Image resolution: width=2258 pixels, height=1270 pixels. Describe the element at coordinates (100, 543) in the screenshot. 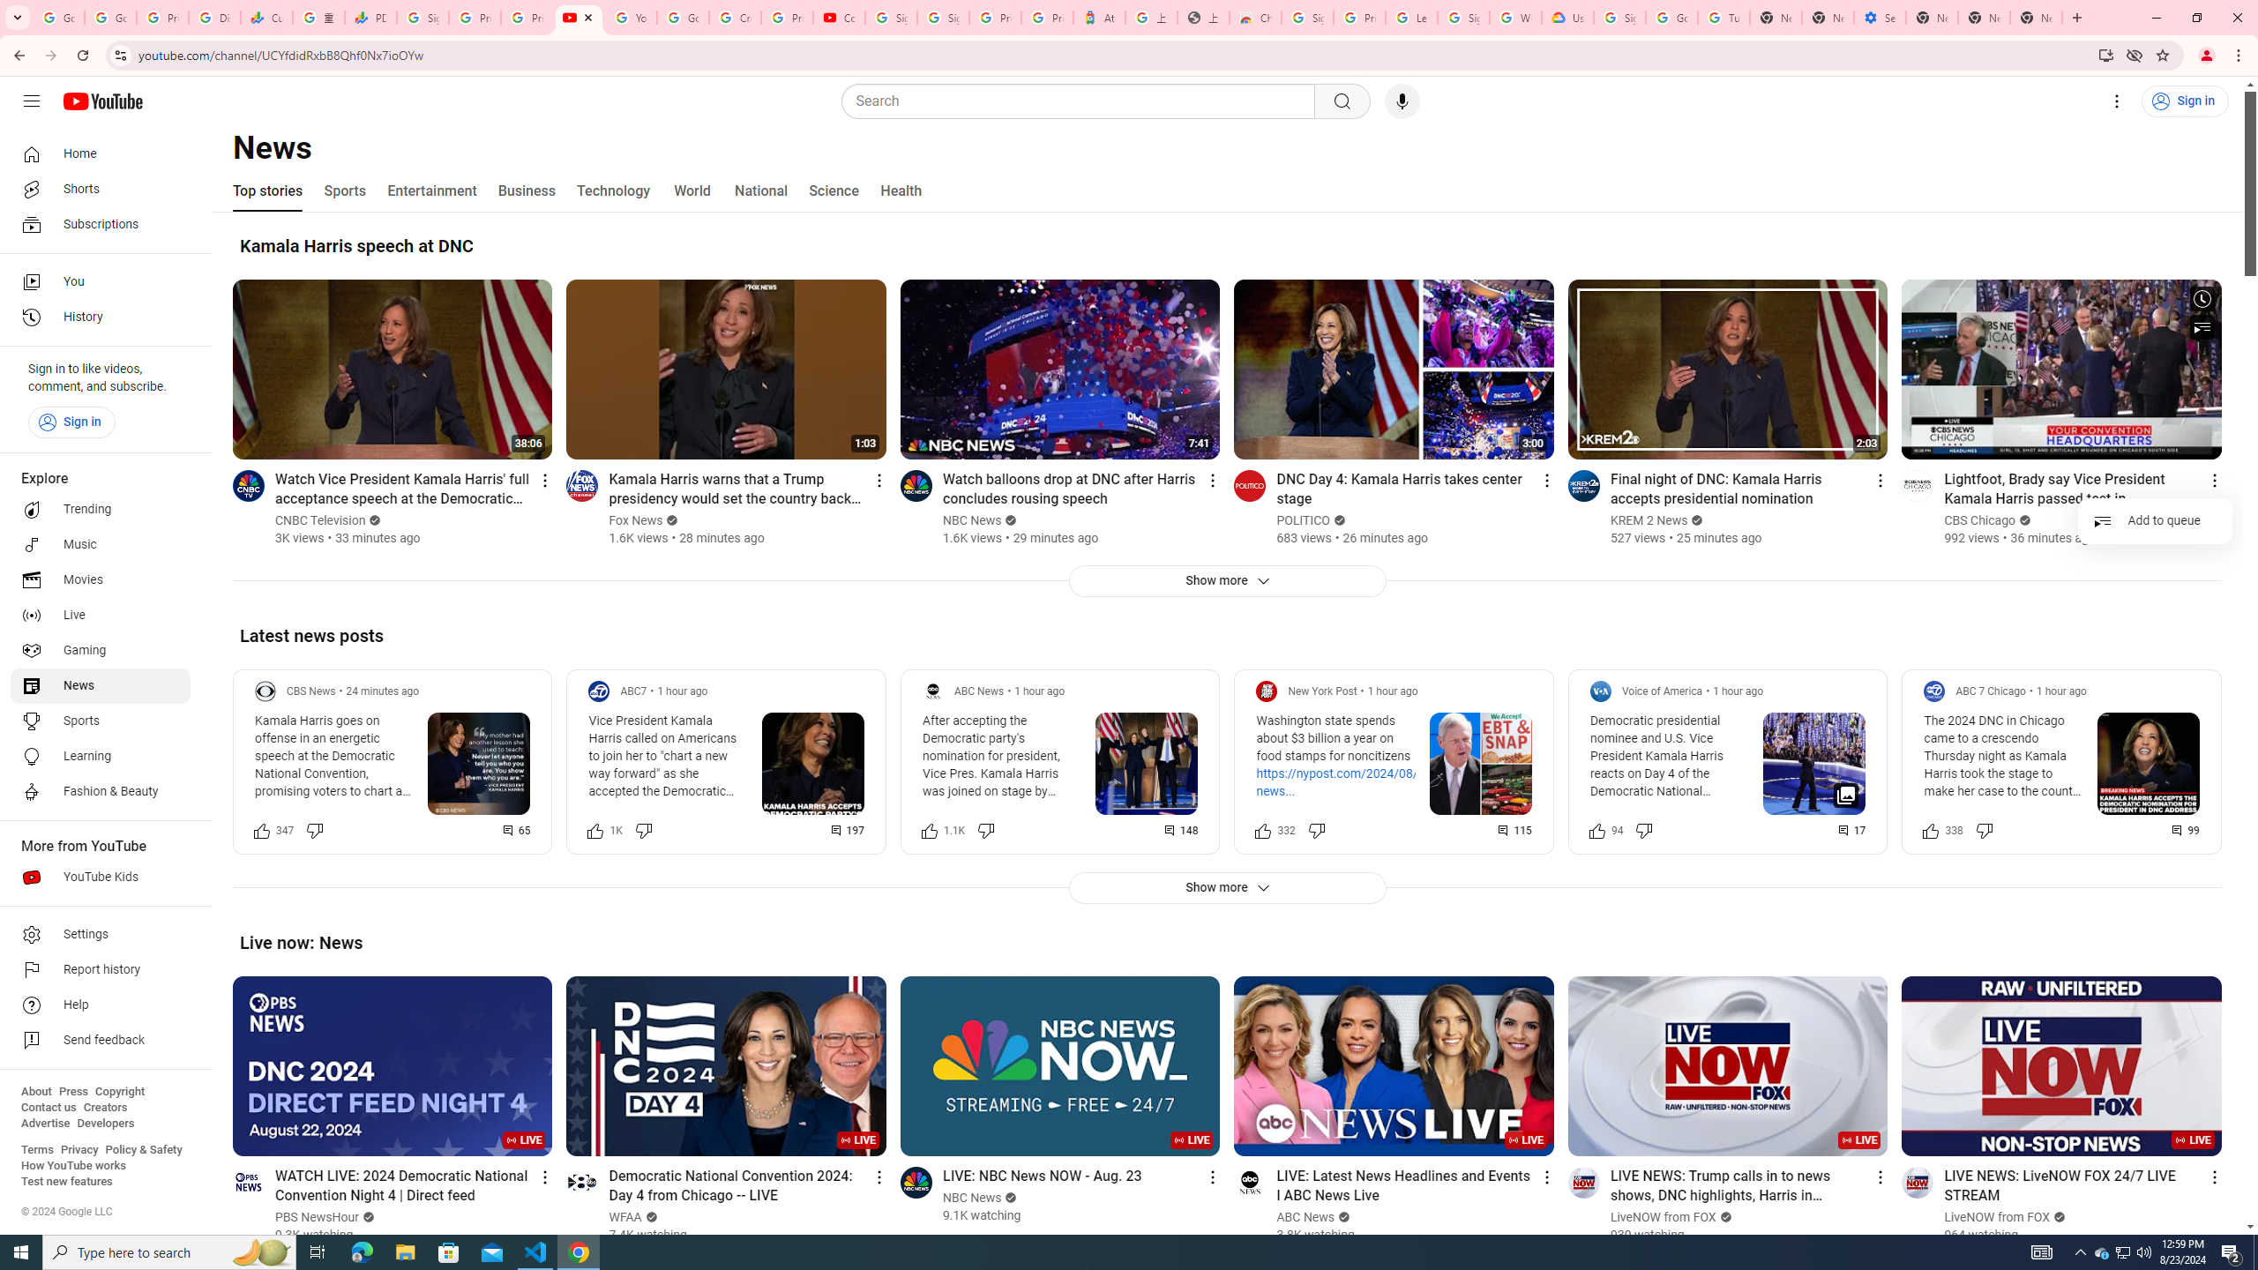

I see `'Music'` at that location.